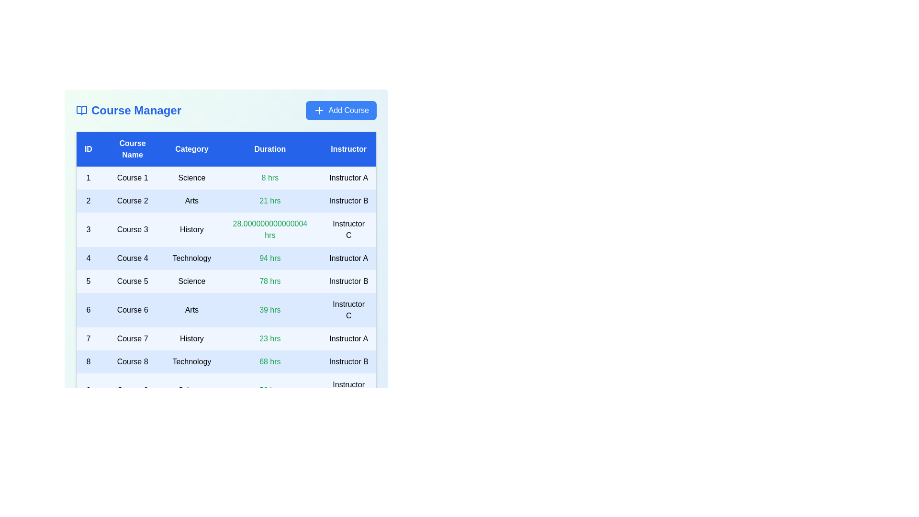  What do you see at coordinates (269, 149) in the screenshot?
I see `the table header labeled 'Duration' to sort the courses by that column` at bounding box center [269, 149].